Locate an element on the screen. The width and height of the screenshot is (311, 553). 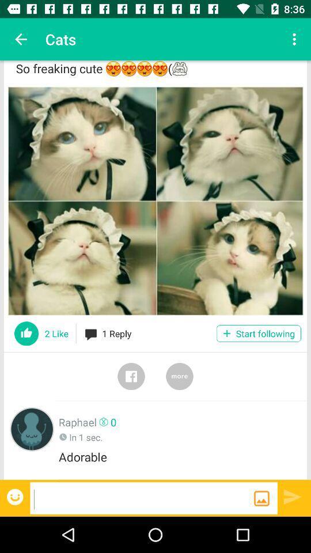
send is located at coordinates (293, 496).